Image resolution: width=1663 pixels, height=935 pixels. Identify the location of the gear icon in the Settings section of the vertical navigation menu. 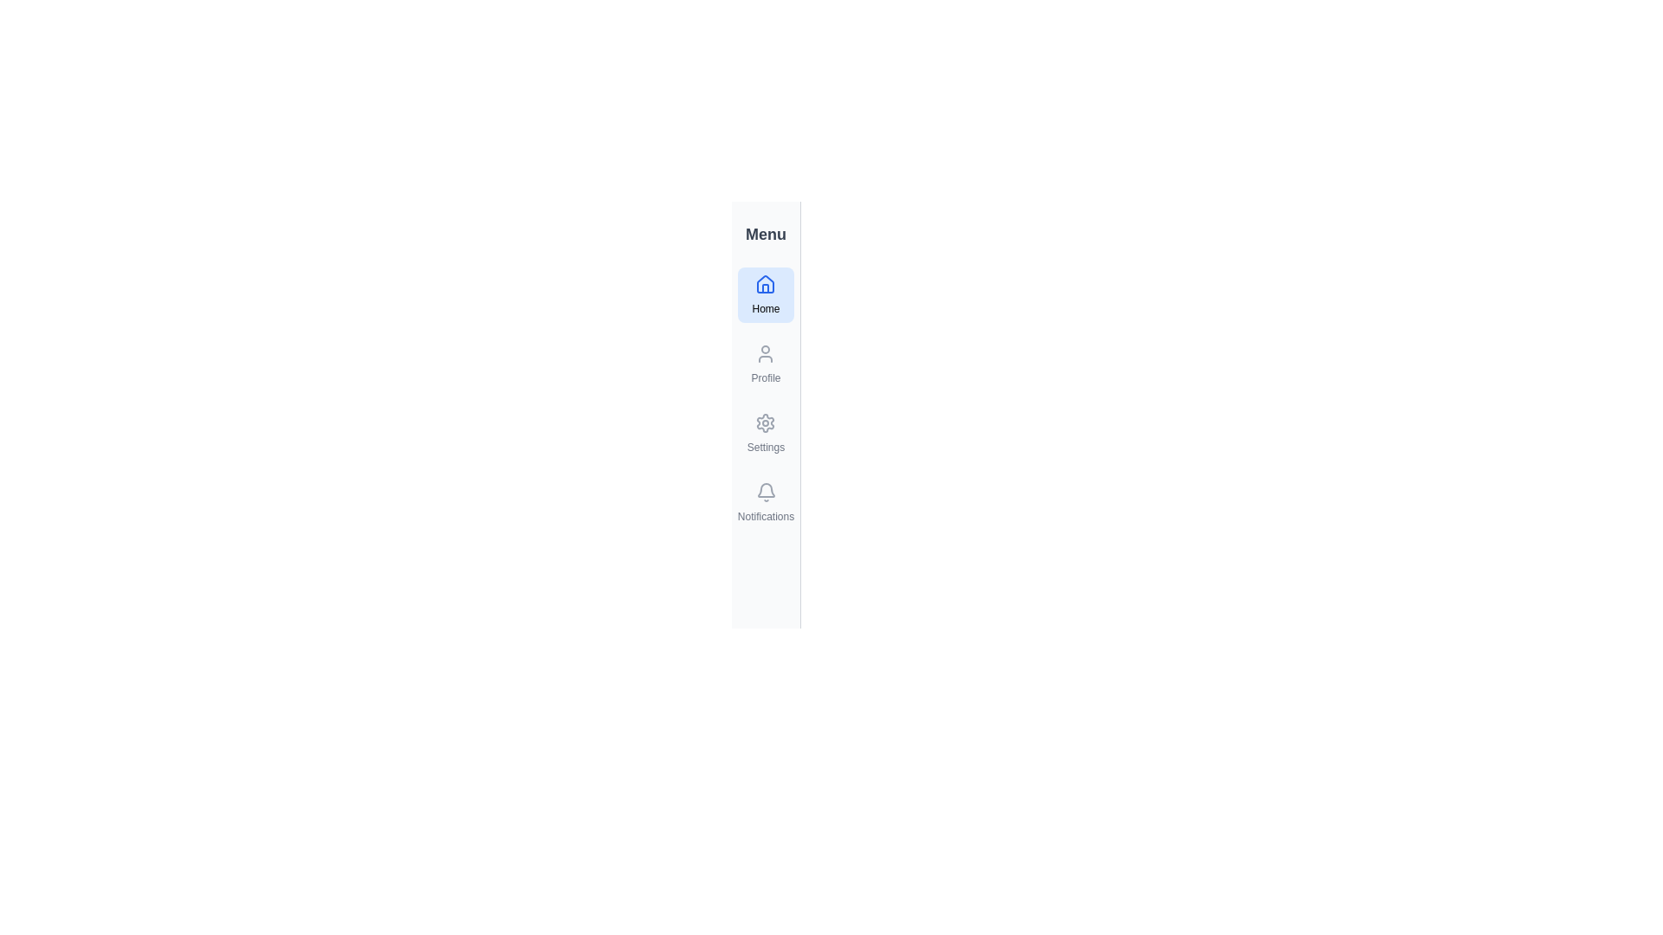
(765, 423).